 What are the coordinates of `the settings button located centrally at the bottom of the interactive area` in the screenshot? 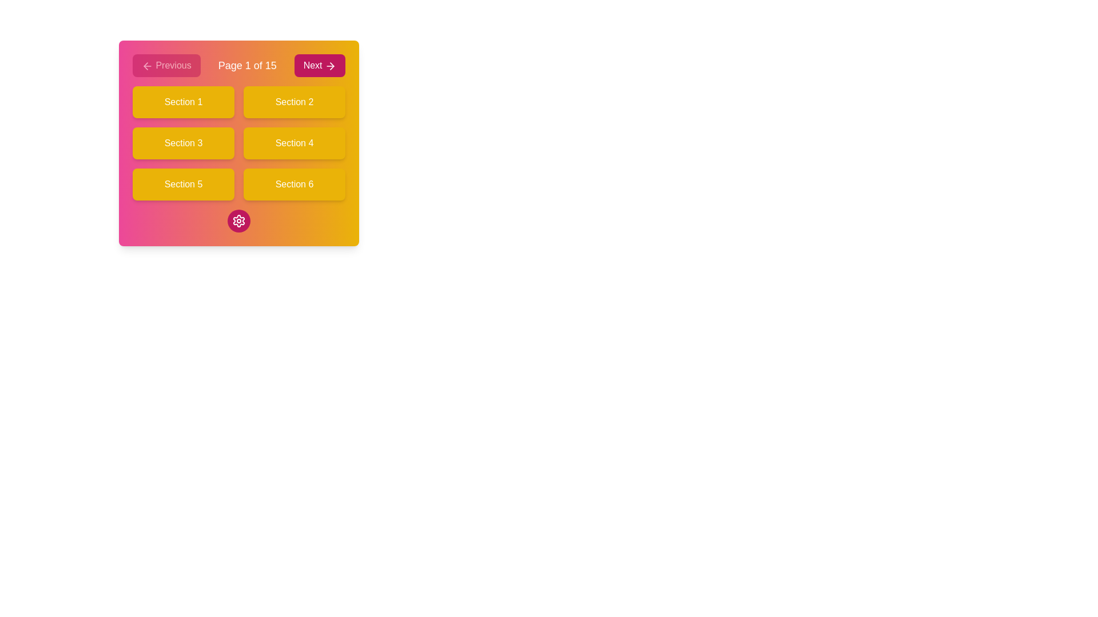 It's located at (238, 221).